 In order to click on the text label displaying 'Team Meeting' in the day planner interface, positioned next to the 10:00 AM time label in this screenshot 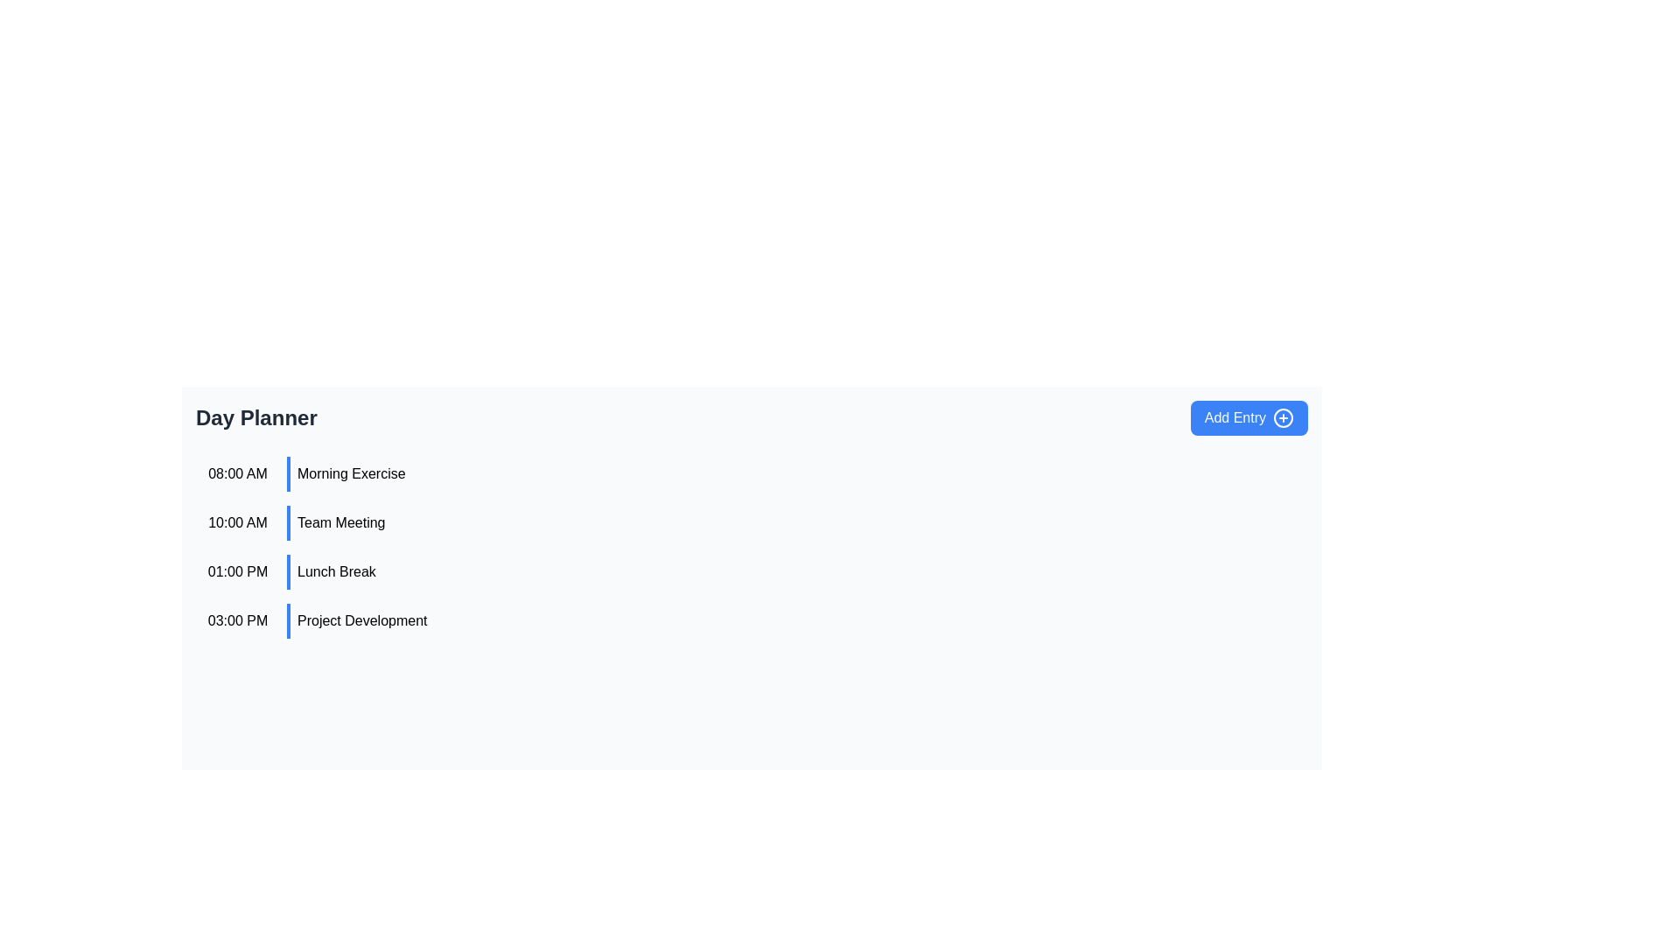, I will do `click(341, 521)`.